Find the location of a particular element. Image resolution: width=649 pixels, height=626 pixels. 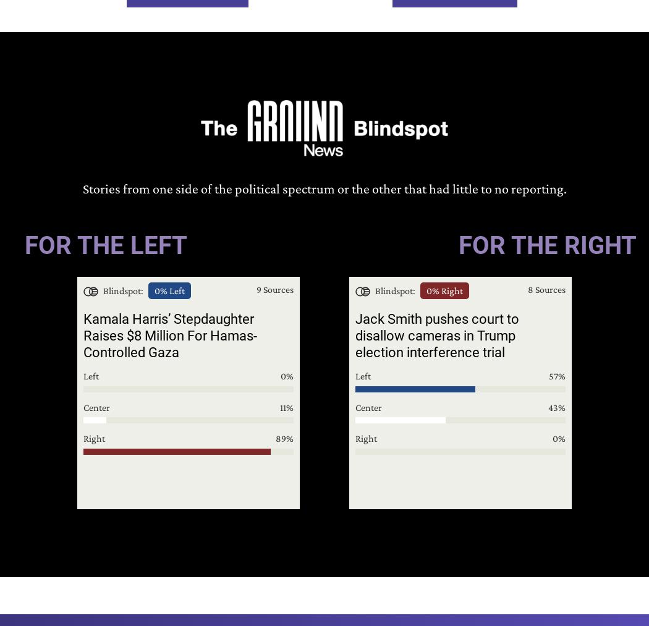

'11%' is located at coordinates (286, 406).